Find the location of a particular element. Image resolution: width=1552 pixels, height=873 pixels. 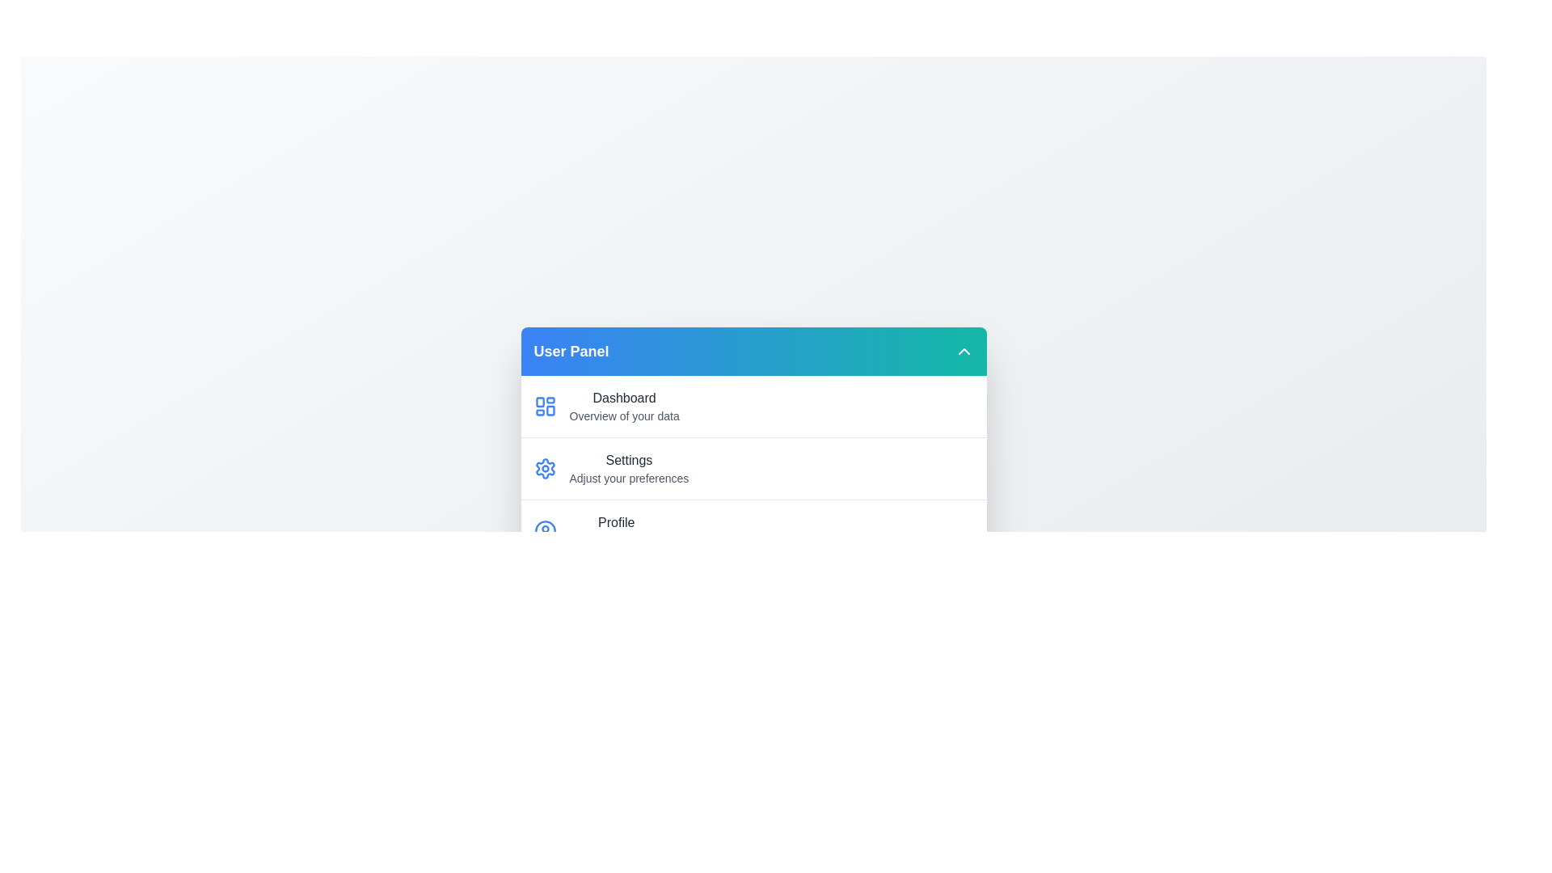

the menu item Dashboard from the StylishDashboardMenu is located at coordinates (753, 405).